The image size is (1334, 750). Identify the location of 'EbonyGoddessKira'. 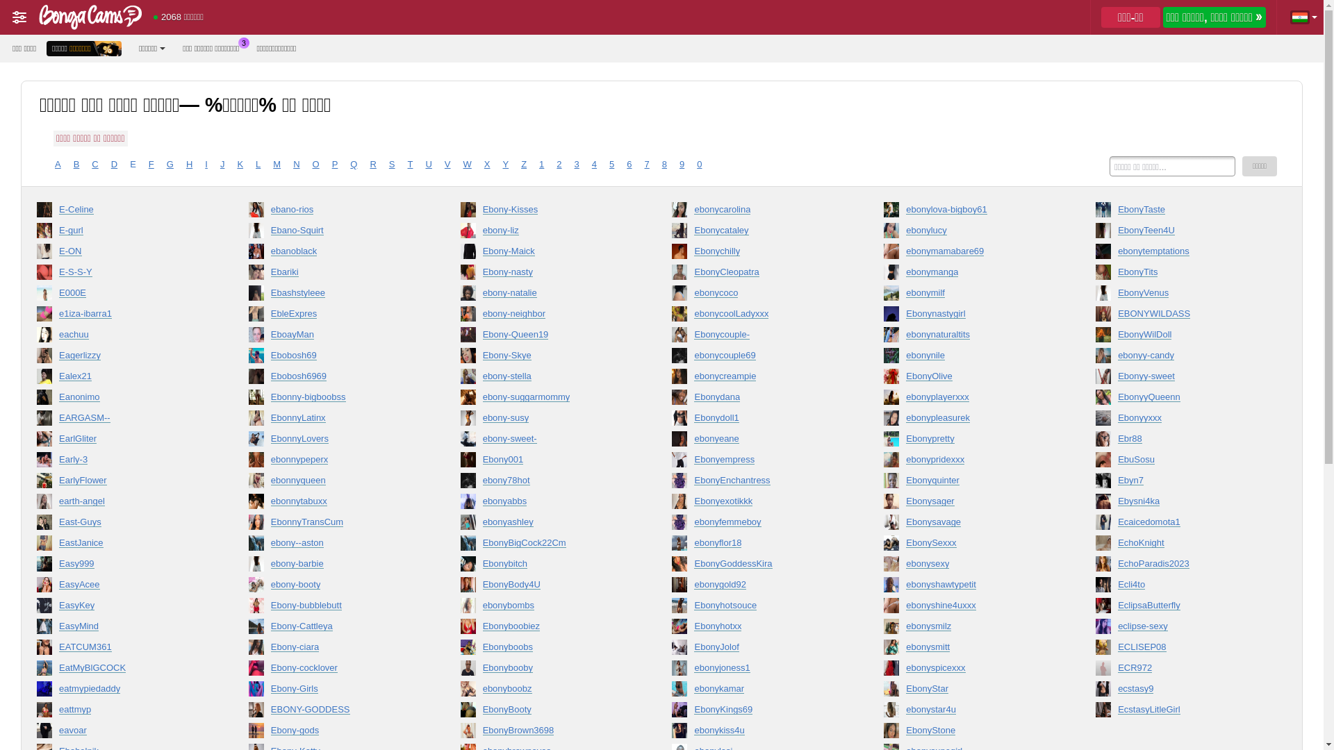
(757, 567).